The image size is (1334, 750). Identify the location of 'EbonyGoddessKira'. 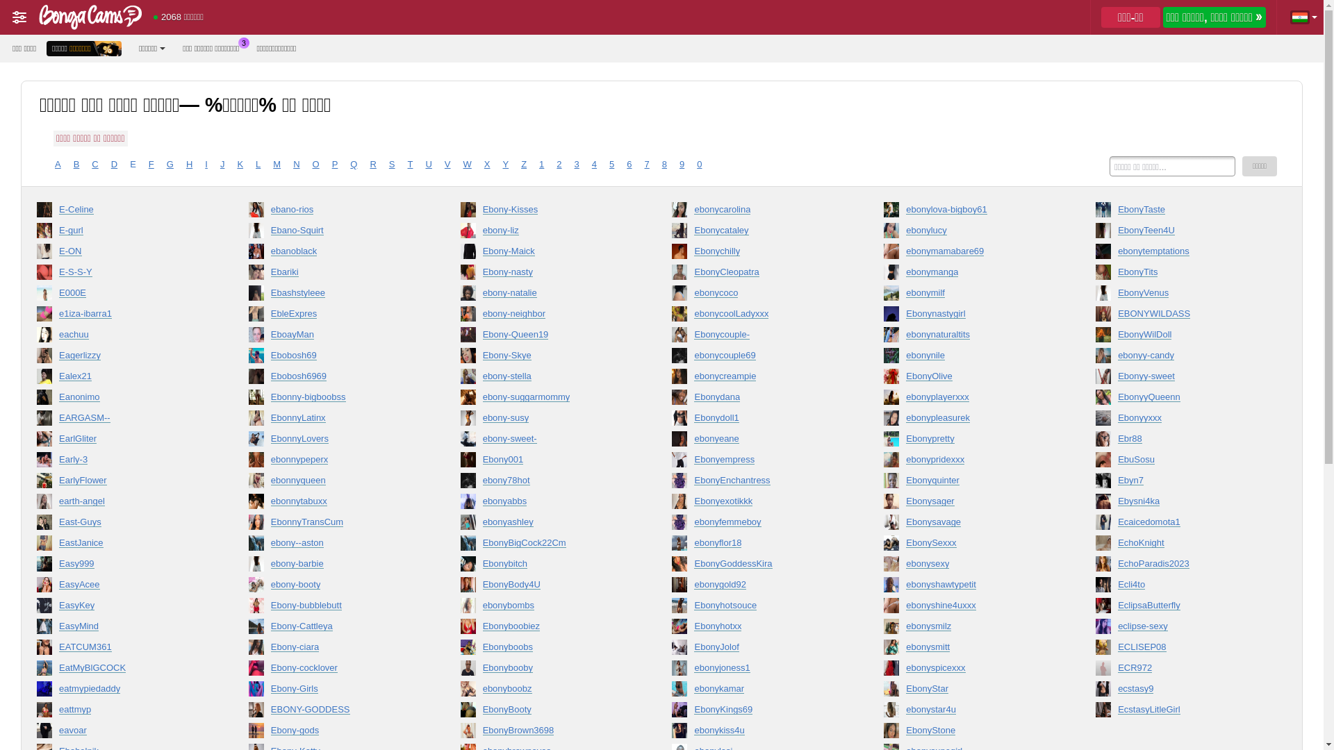
(757, 567).